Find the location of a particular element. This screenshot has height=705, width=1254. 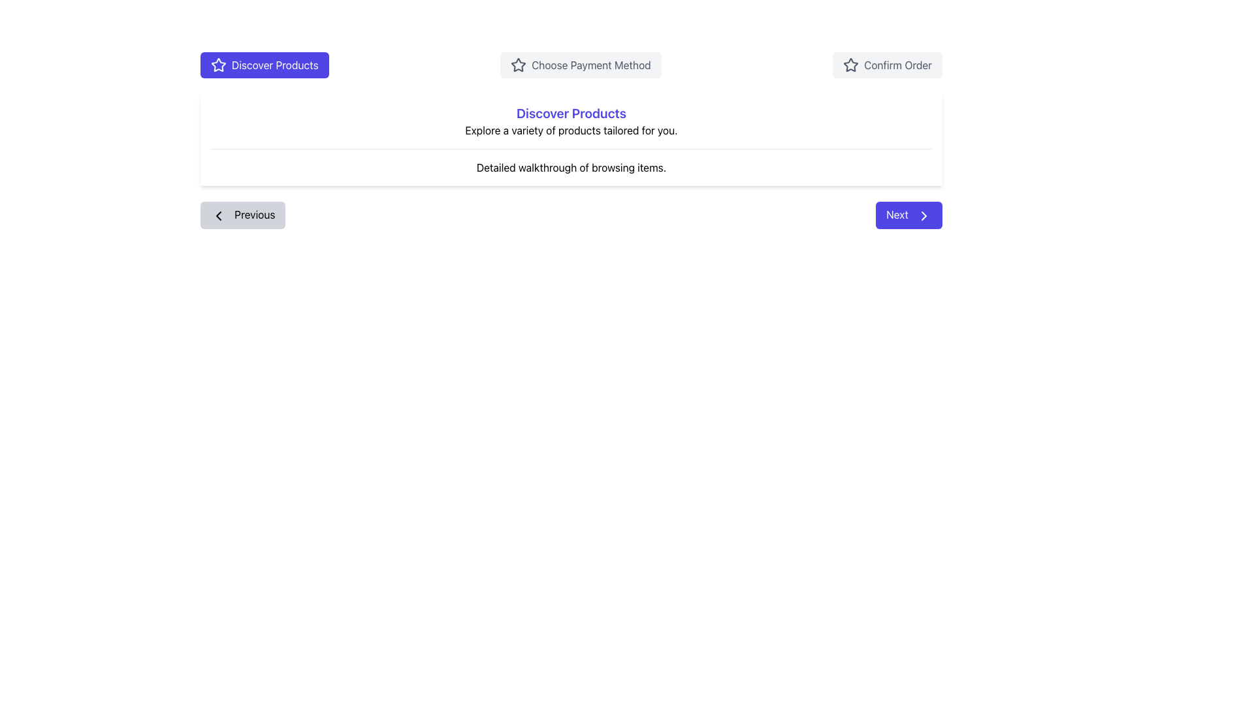

the text label providing supplementary information related to the main title 'Discover Products.' is located at coordinates (571, 131).